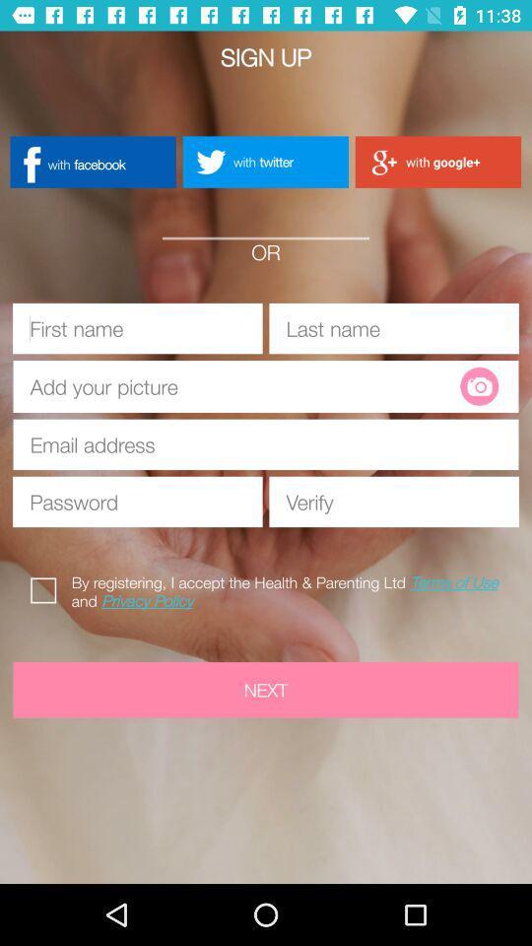 The height and width of the screenshot is (946, 532). What do you see at coordinates (136, 501) in the screenshot?
I see `passwords` at bounding box center [136, 501].